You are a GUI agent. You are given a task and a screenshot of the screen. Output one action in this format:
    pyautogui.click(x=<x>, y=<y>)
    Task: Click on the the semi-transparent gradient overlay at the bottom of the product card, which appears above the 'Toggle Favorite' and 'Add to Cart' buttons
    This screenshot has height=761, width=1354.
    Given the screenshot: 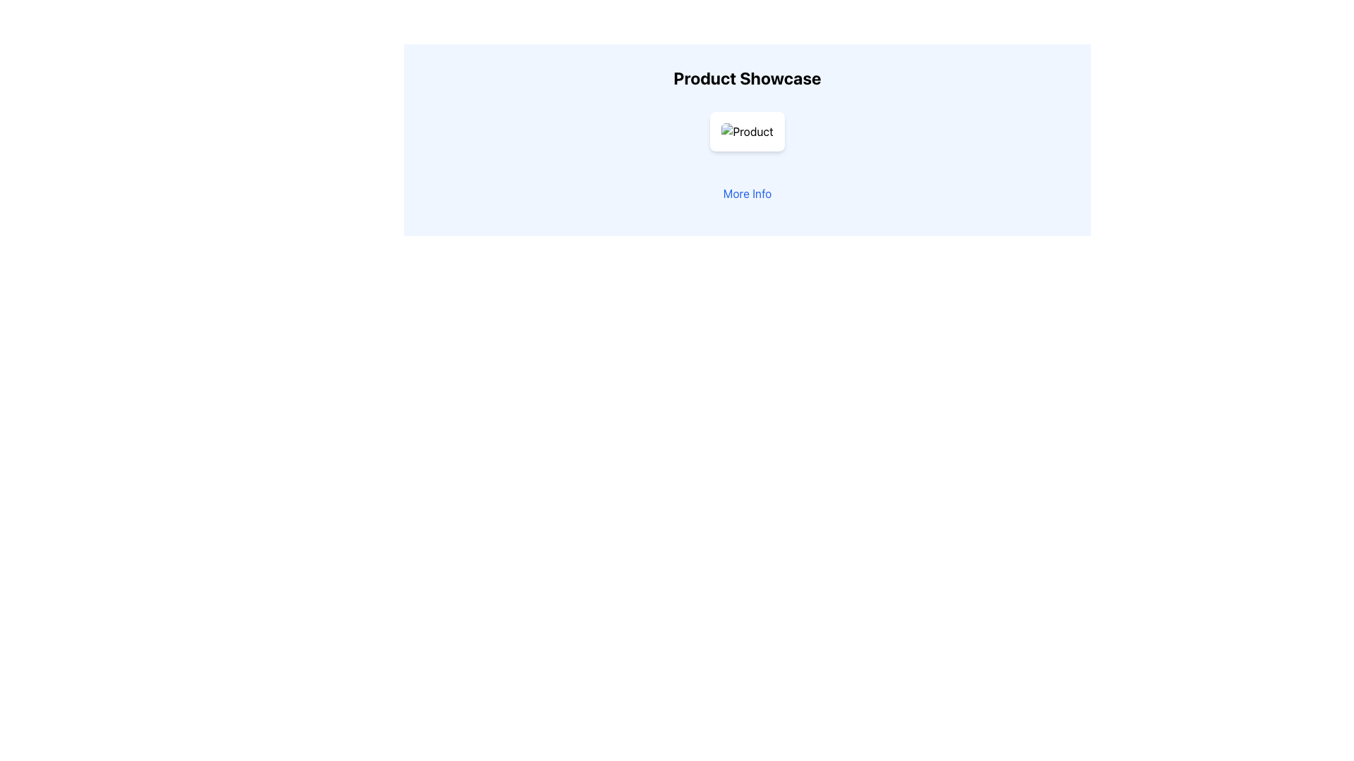 What is the action you would take?
    pyautogui.click(x=747, y=128)
    